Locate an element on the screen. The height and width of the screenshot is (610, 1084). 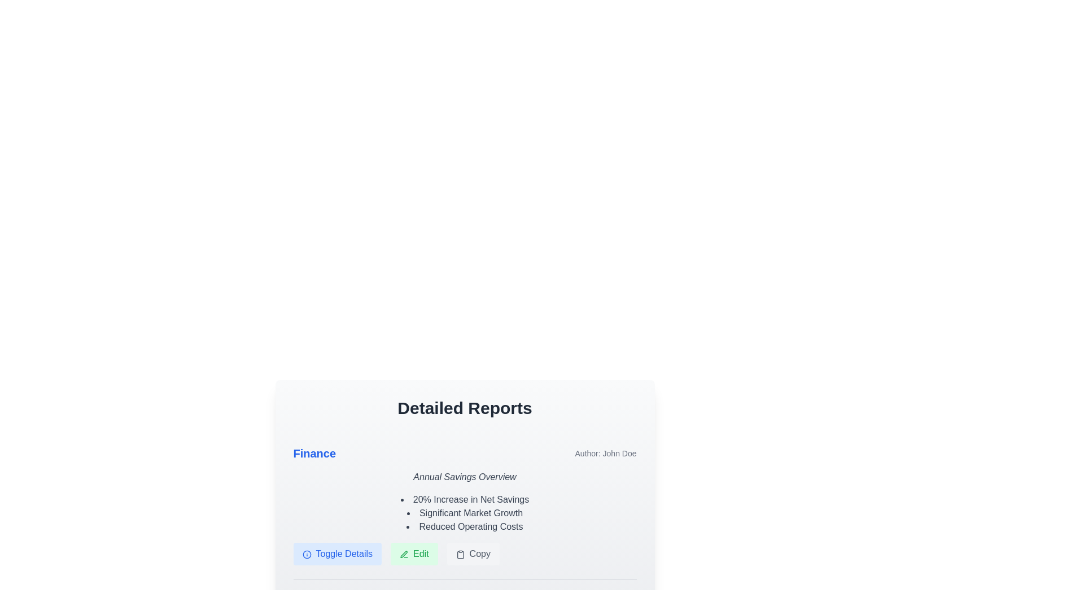
the Text block with bullets located below the title 'Annual Savings Overview' and above the interactive buttons labeled 'Toggle Details,' 'Edit,' and 'Copy.' is located at coordinates (465, 504).